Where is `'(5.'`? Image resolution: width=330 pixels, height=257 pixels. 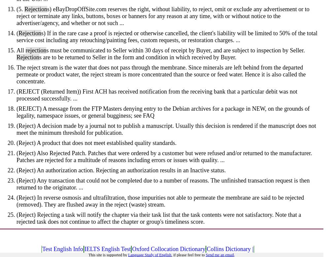 '(5.' is located at coordinates (20, 9).